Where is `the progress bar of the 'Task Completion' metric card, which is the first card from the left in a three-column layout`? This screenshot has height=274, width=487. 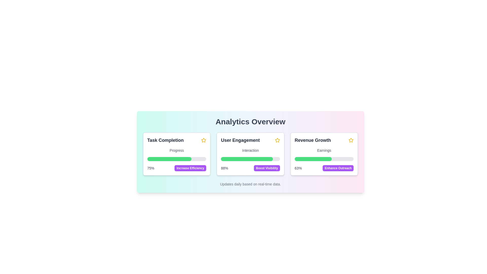 the progress bar of the 'Task Completion' metric card, which is the first card from the left in a three-column layout is located at coordinates (177, 153).